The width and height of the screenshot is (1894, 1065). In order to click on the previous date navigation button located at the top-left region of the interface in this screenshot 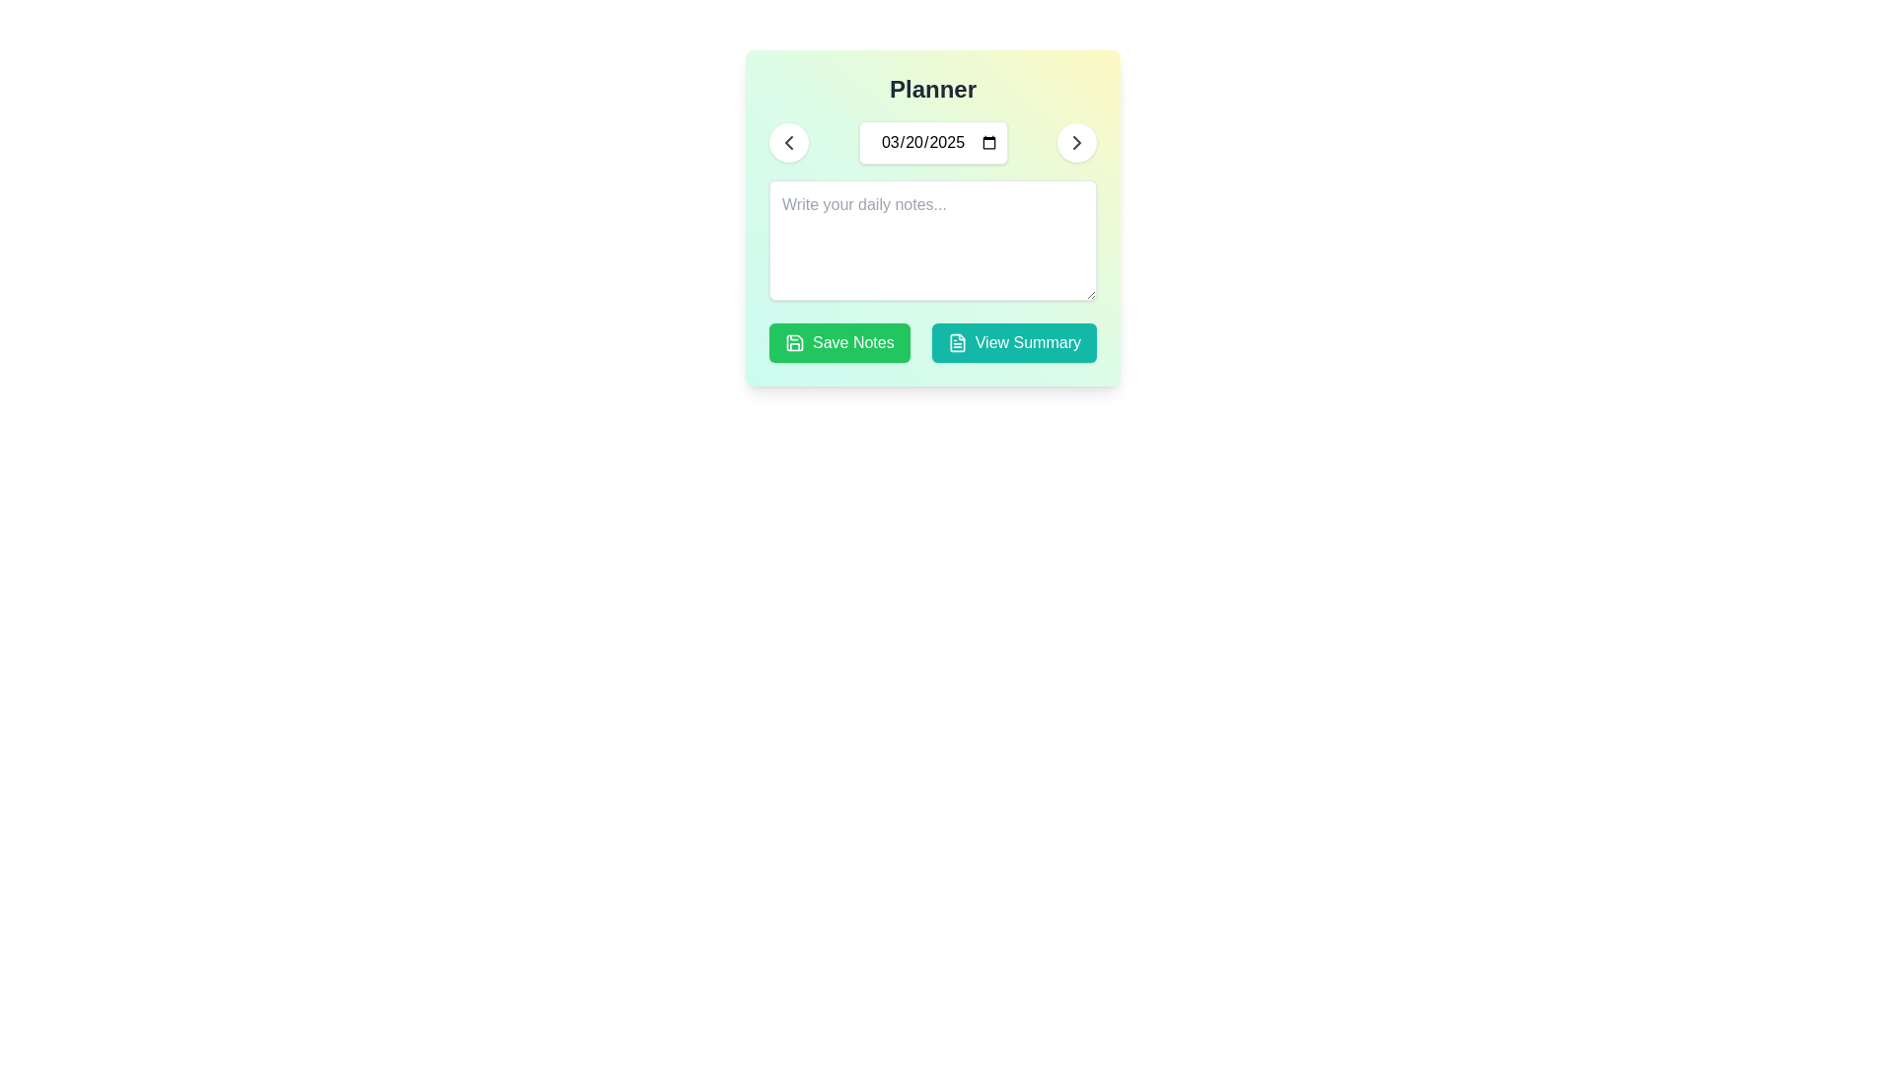, I will do `click(789, 142)`.